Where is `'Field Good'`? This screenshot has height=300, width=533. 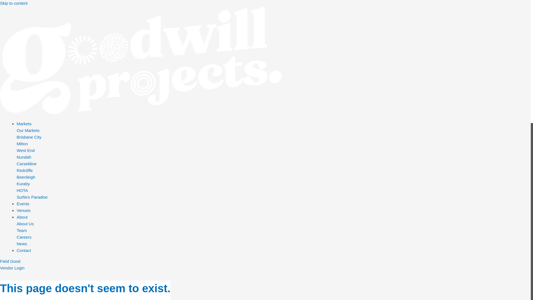
'Field Good' is located at coordinates (0, 261).